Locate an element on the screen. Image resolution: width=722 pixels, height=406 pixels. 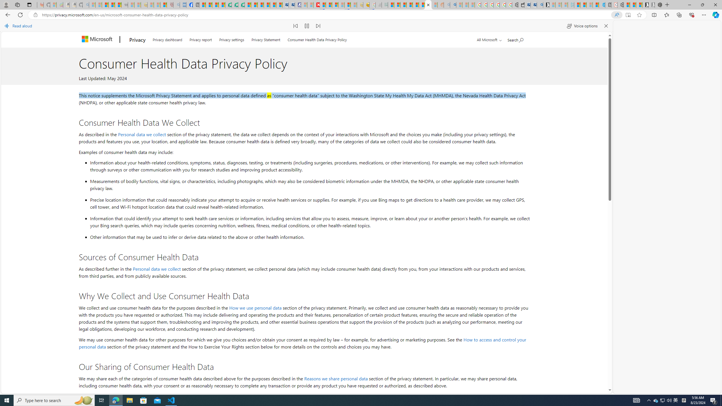
'Pause read aloud (Ctrl+Shift+U)' is located at coordinates (307, 26).